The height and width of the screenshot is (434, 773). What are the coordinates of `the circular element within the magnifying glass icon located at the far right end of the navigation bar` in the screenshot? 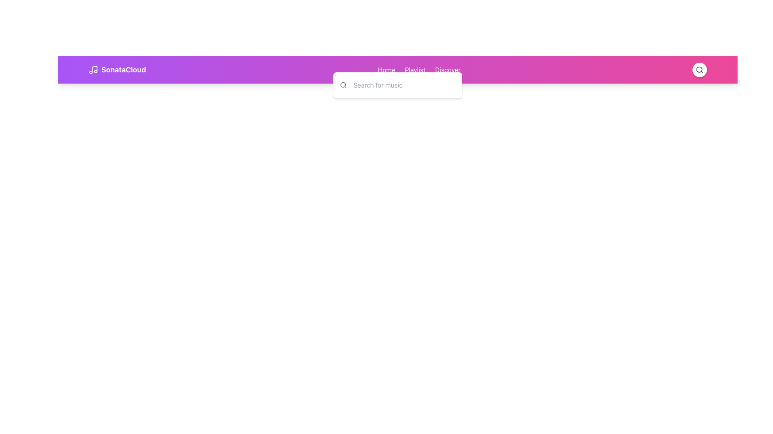 It's located at (699, 69).